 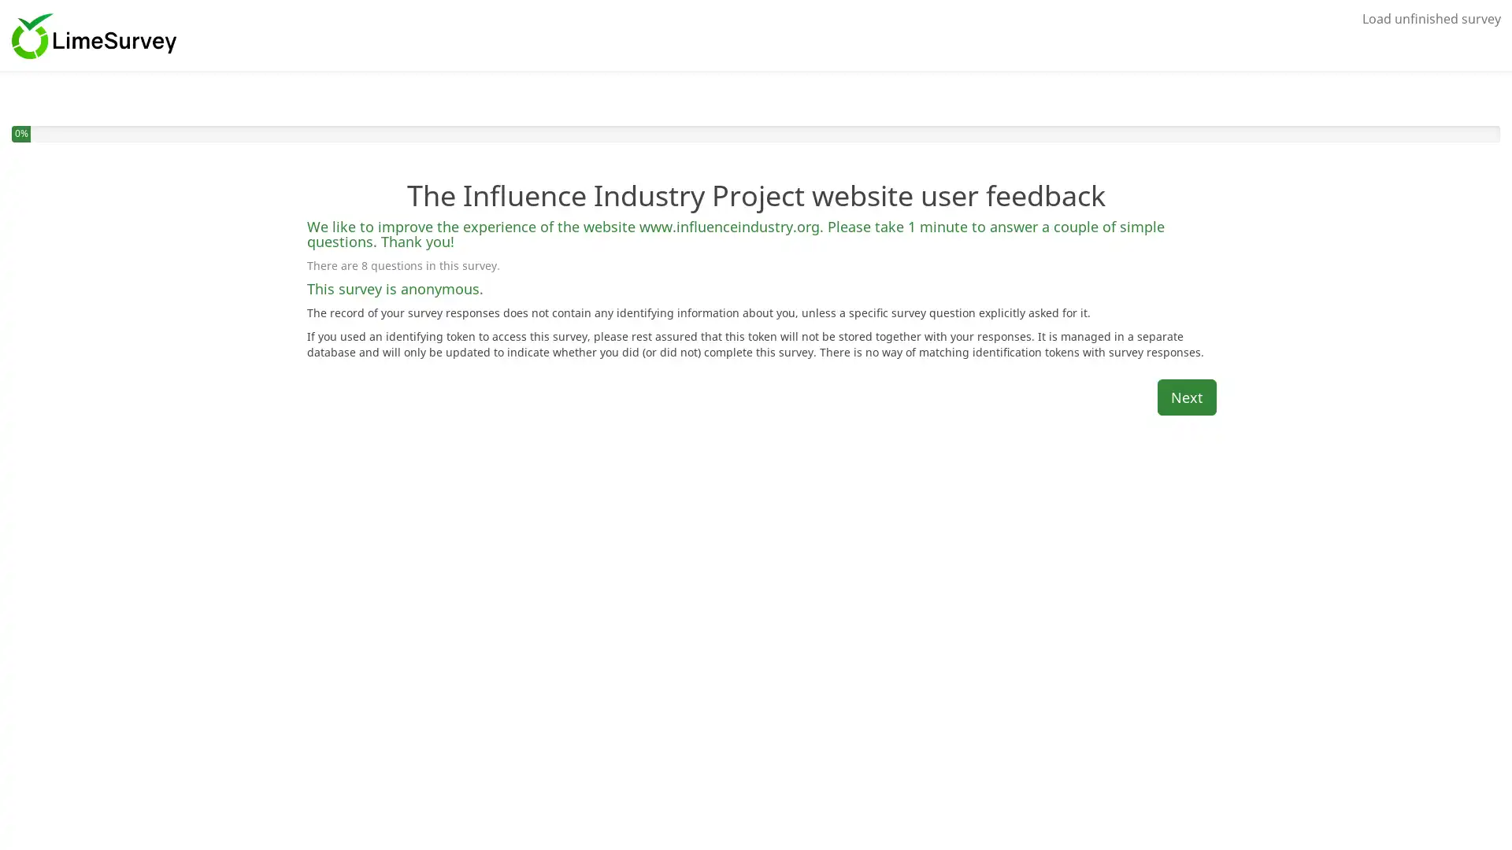 What do you see at coordinates (1187, 396) in the screenshot?
I see `Next` at bounding box center [1187, 396].